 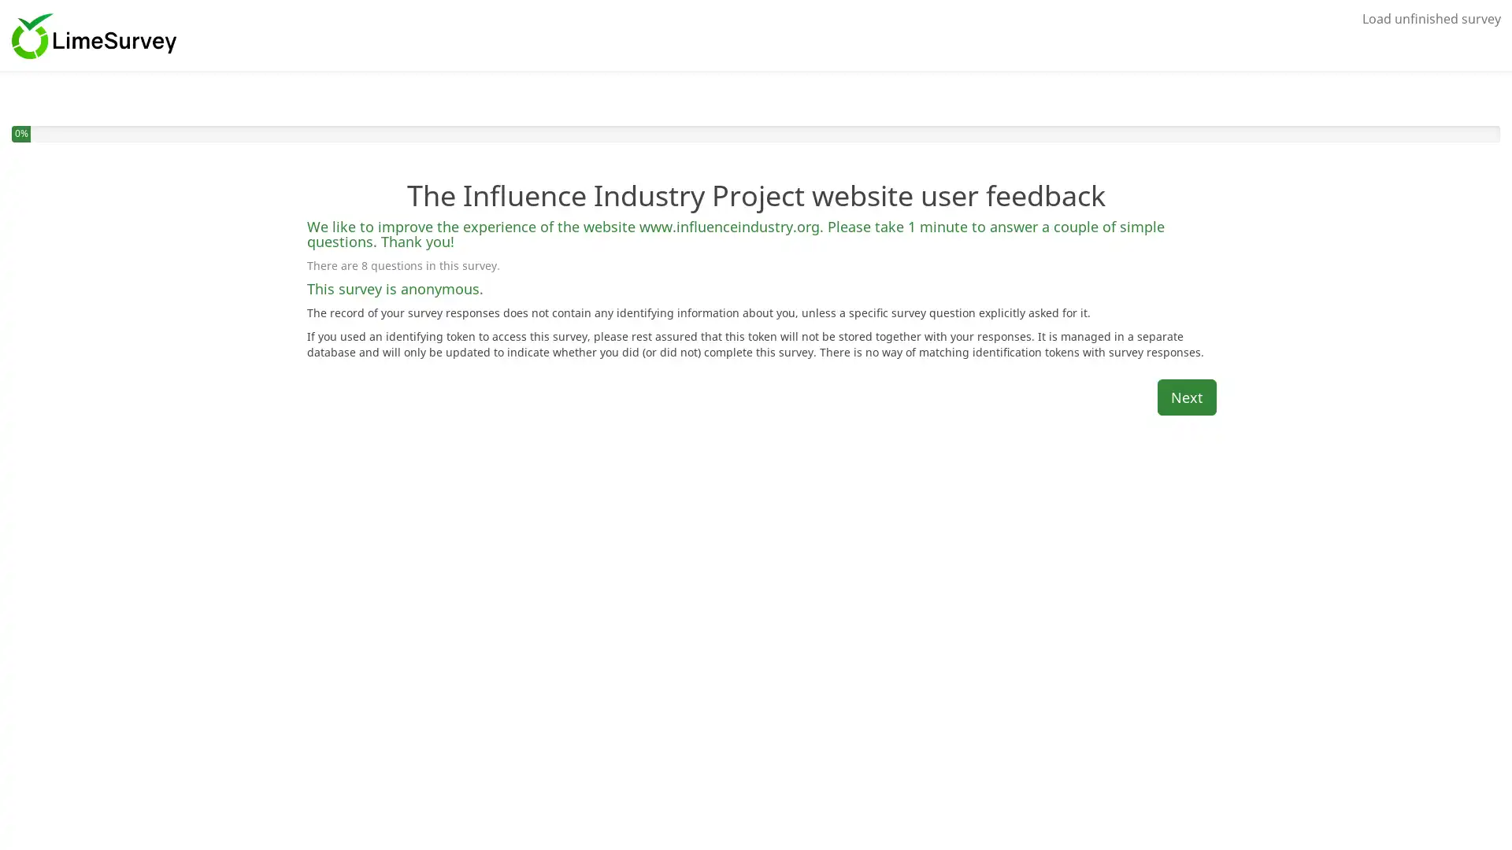 What do you see at coordinates (1187, 396) in the screenshot?
I see `Next` at bounding box center [1187, 396].